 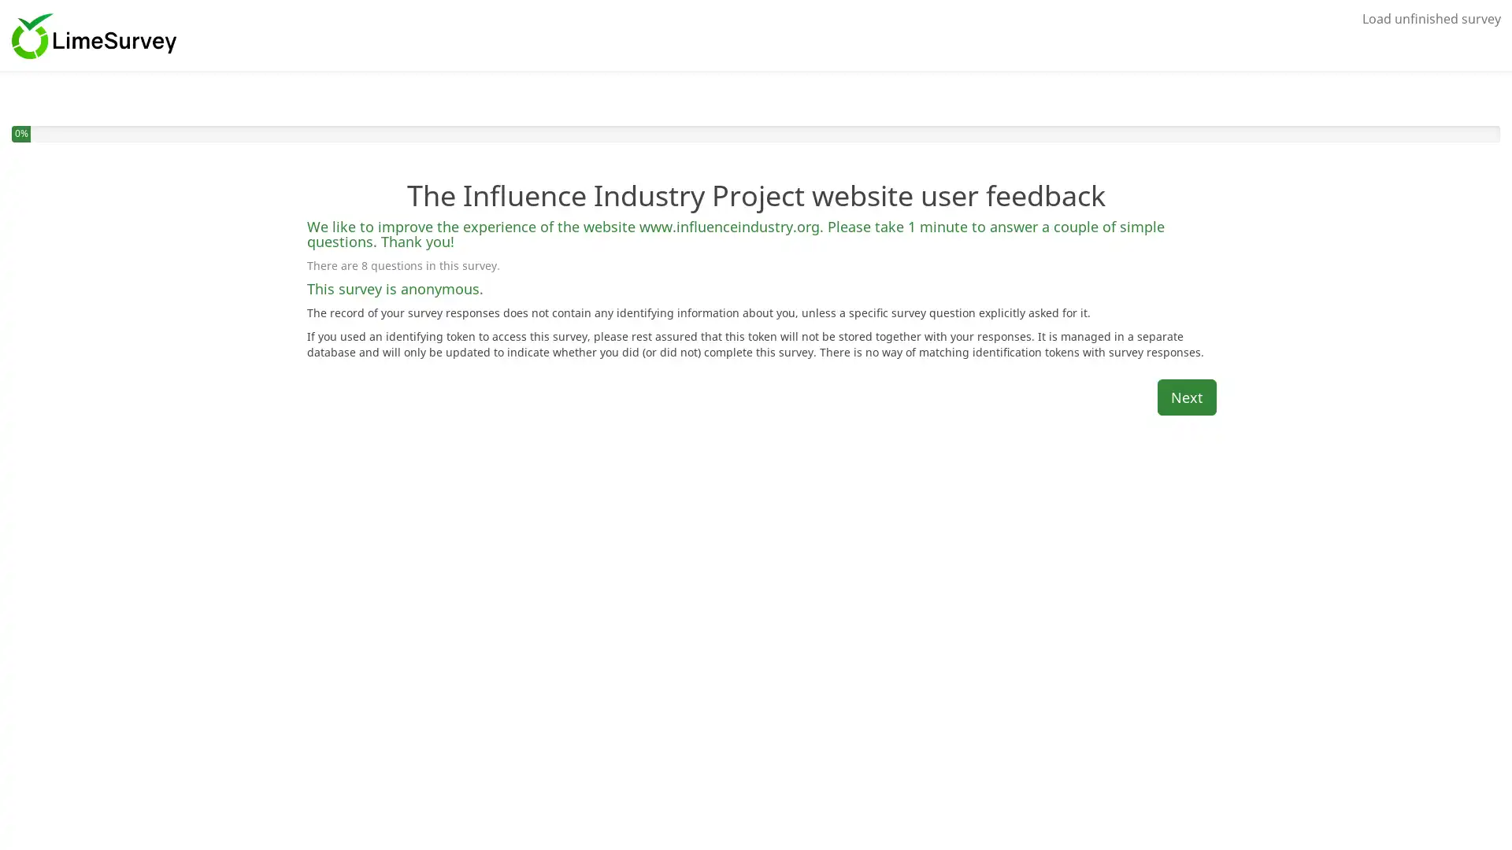 What do you see at coordinates (1187, 396) in the screenshot?
I see `Next` at bounding box center [1187, 396].